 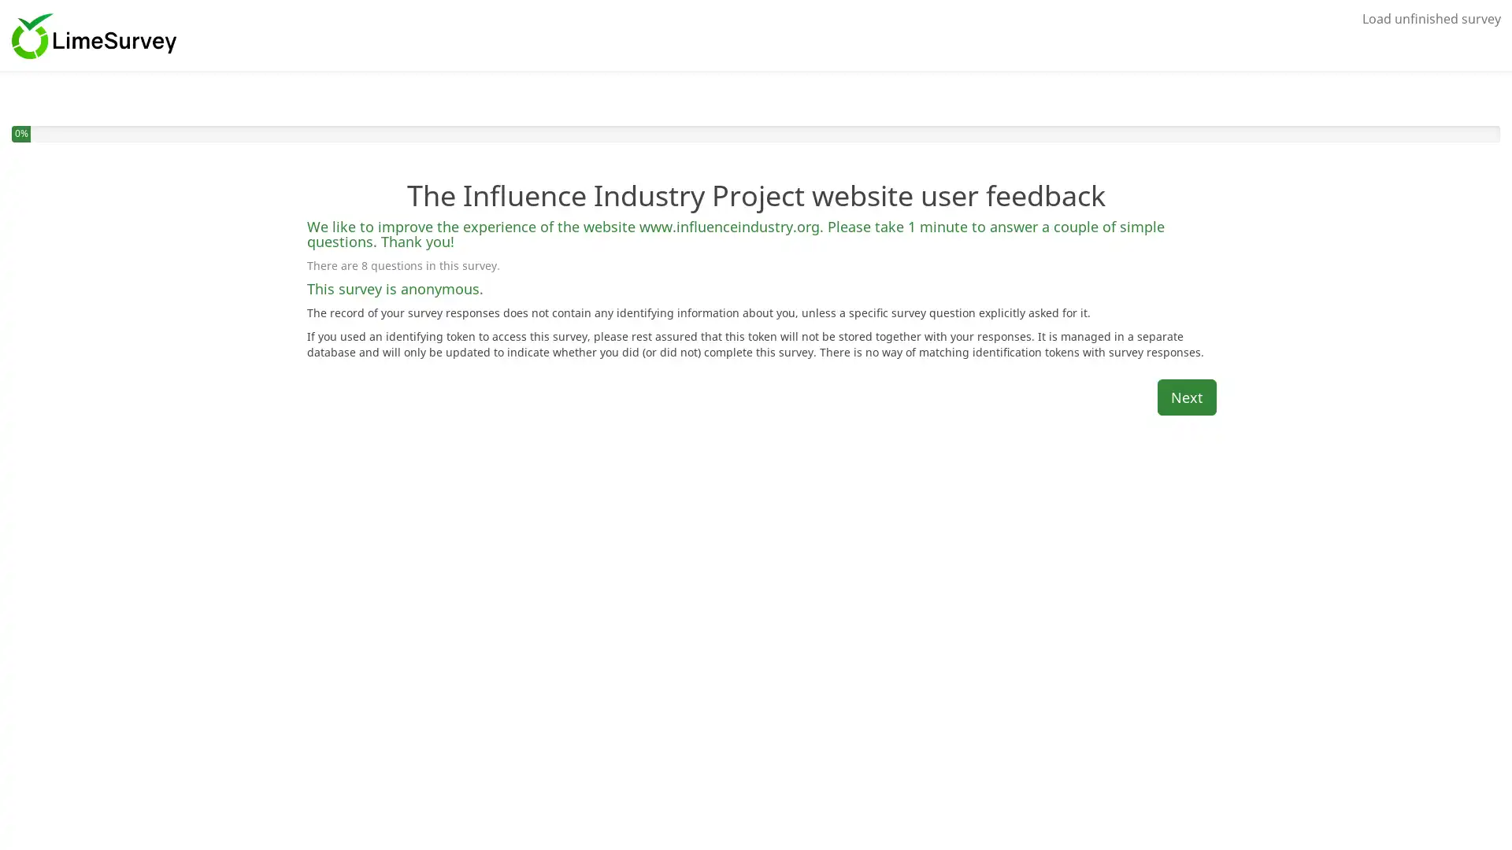 What do you see at coordinates (1187, 396) in the screenshot?
I see `Next` at bounding box center [1187, 396].